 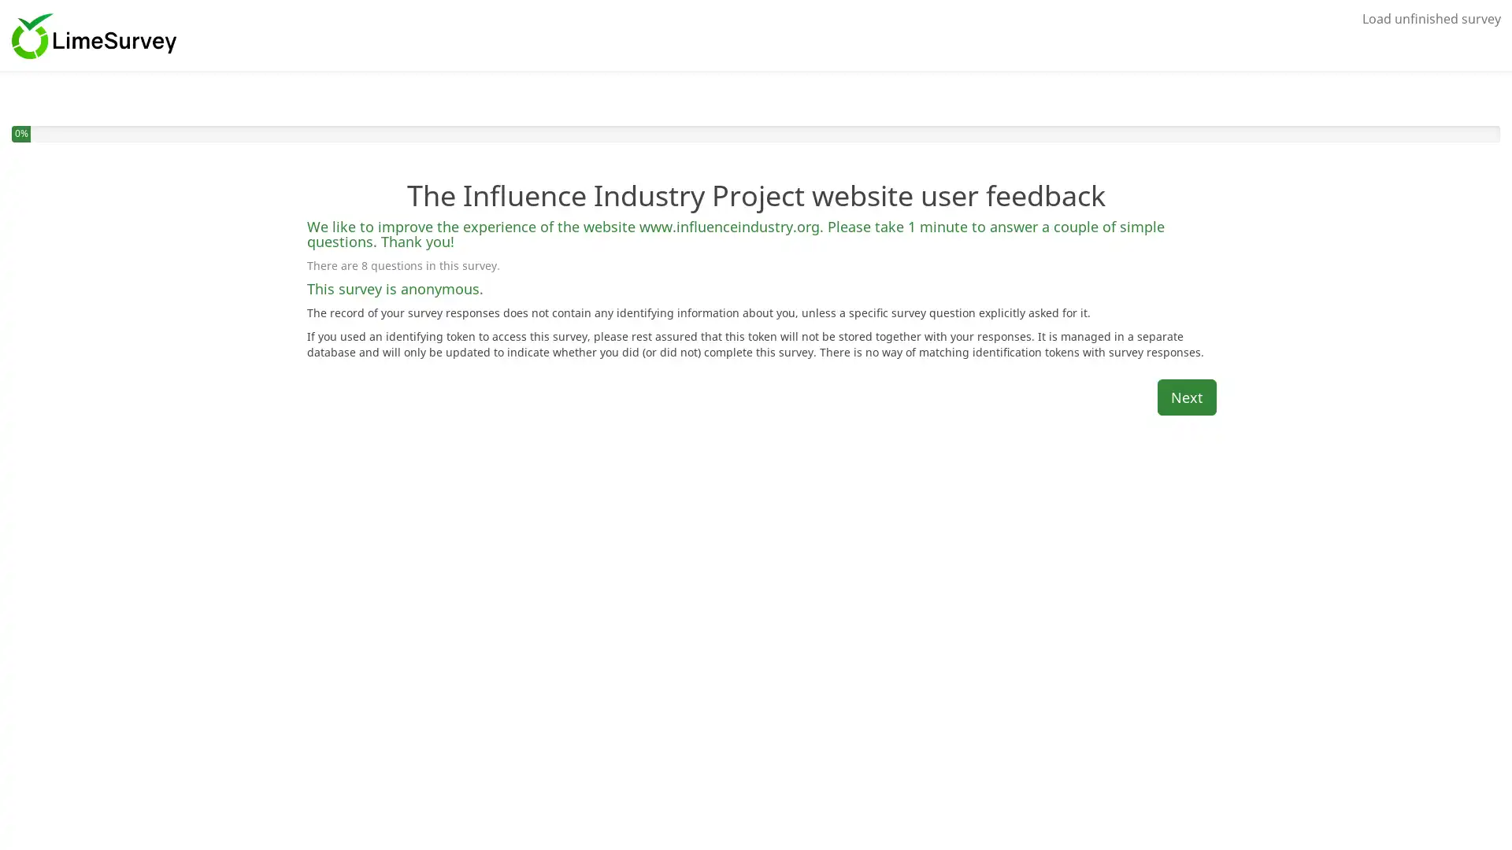 What do you see at coordinates (1187, 396) in the screenshot?
I see `Next` at bounding box center [1187, 396].